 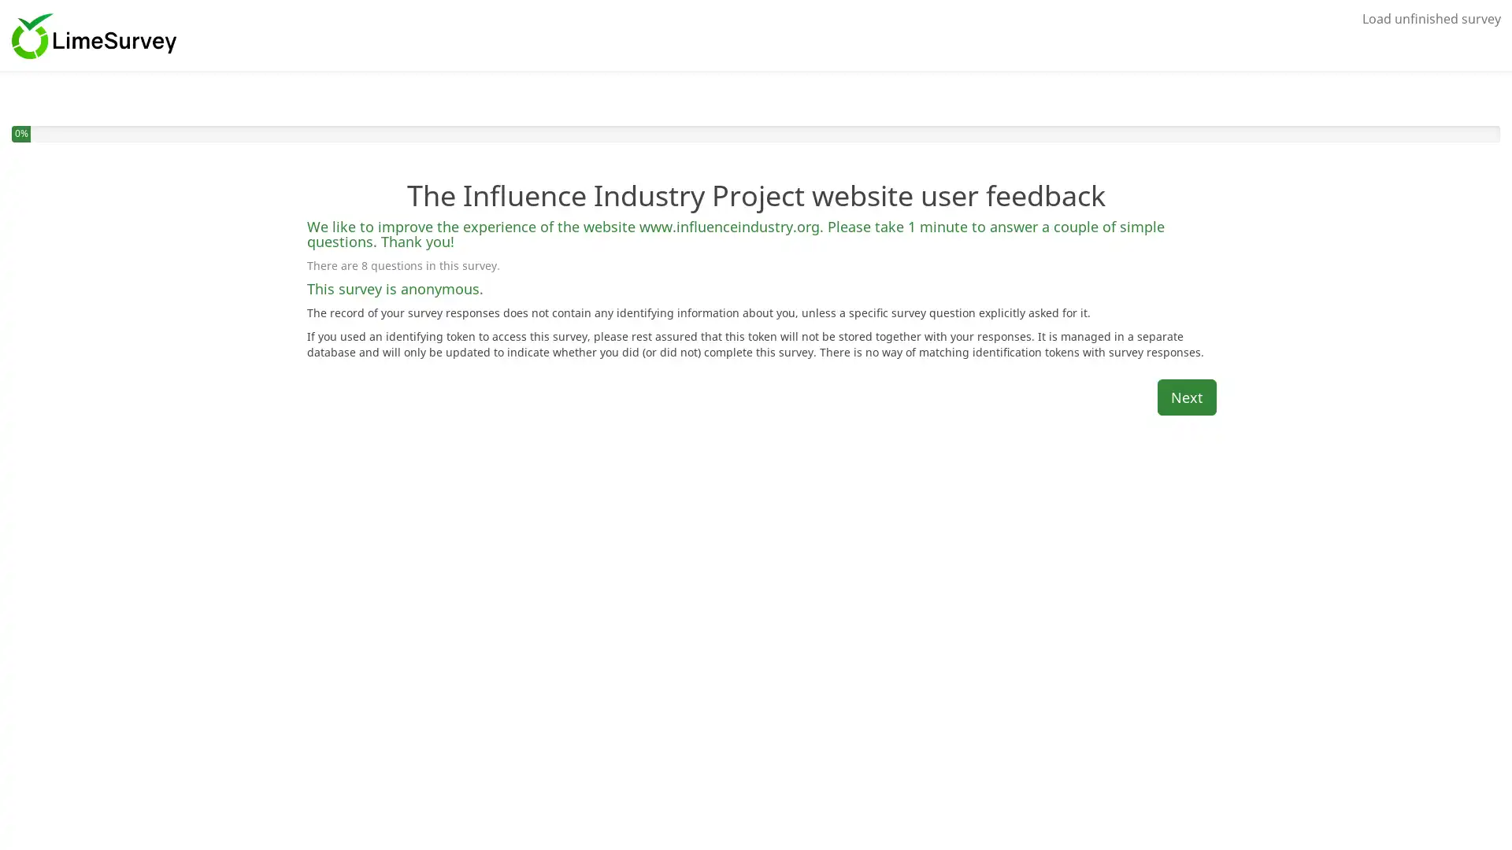 What do you see at coordinates (1187, 396) in the screenshot?
I see `Next` at bounding box center [1187, 396].